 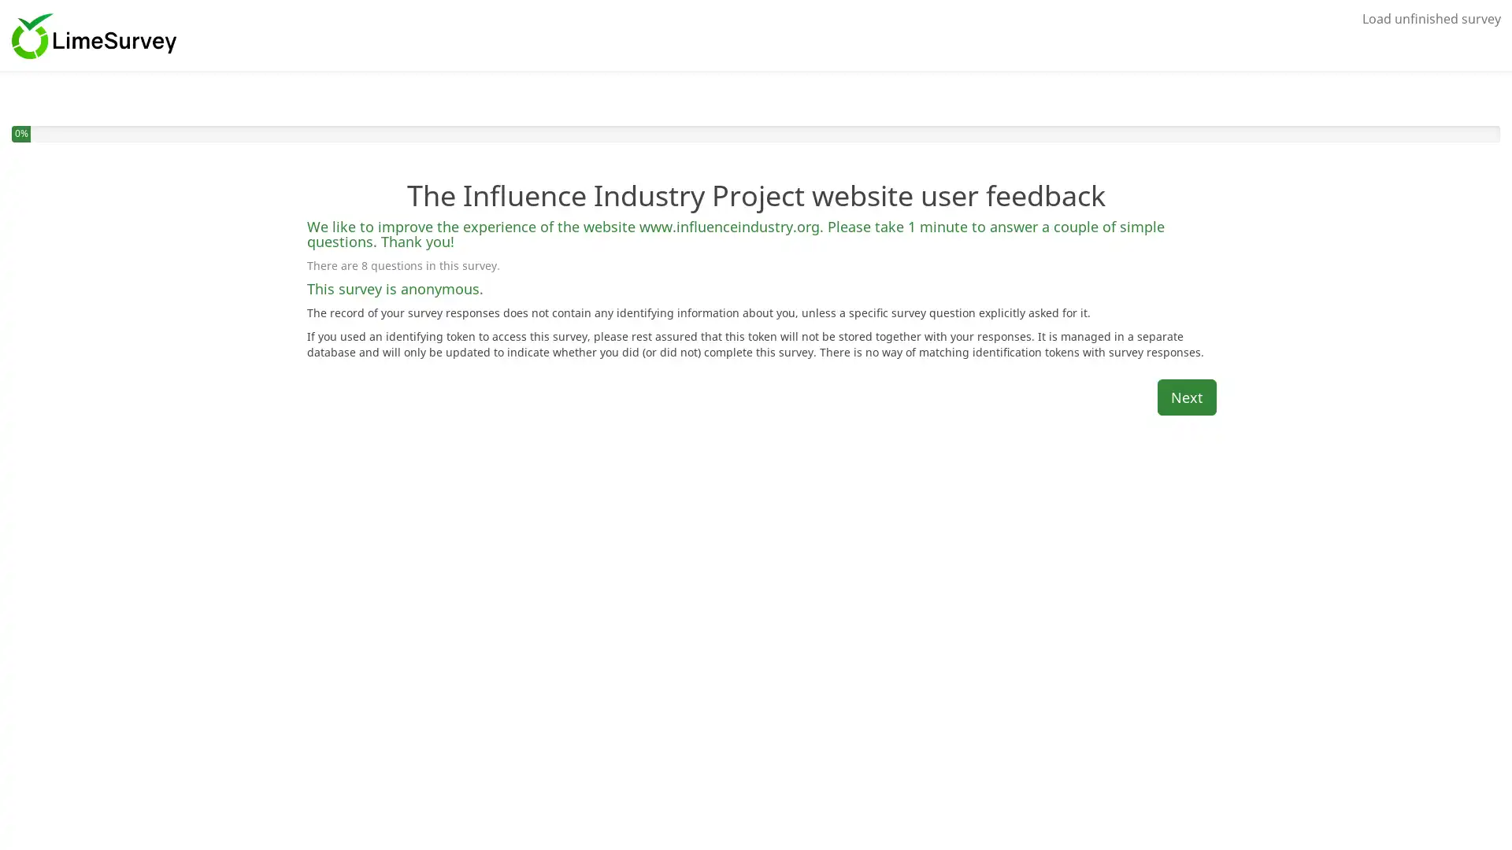 What do you see at coordinates (1187, 396) in the screenshot?
I see `Next` at bounding box center [1187, 396].